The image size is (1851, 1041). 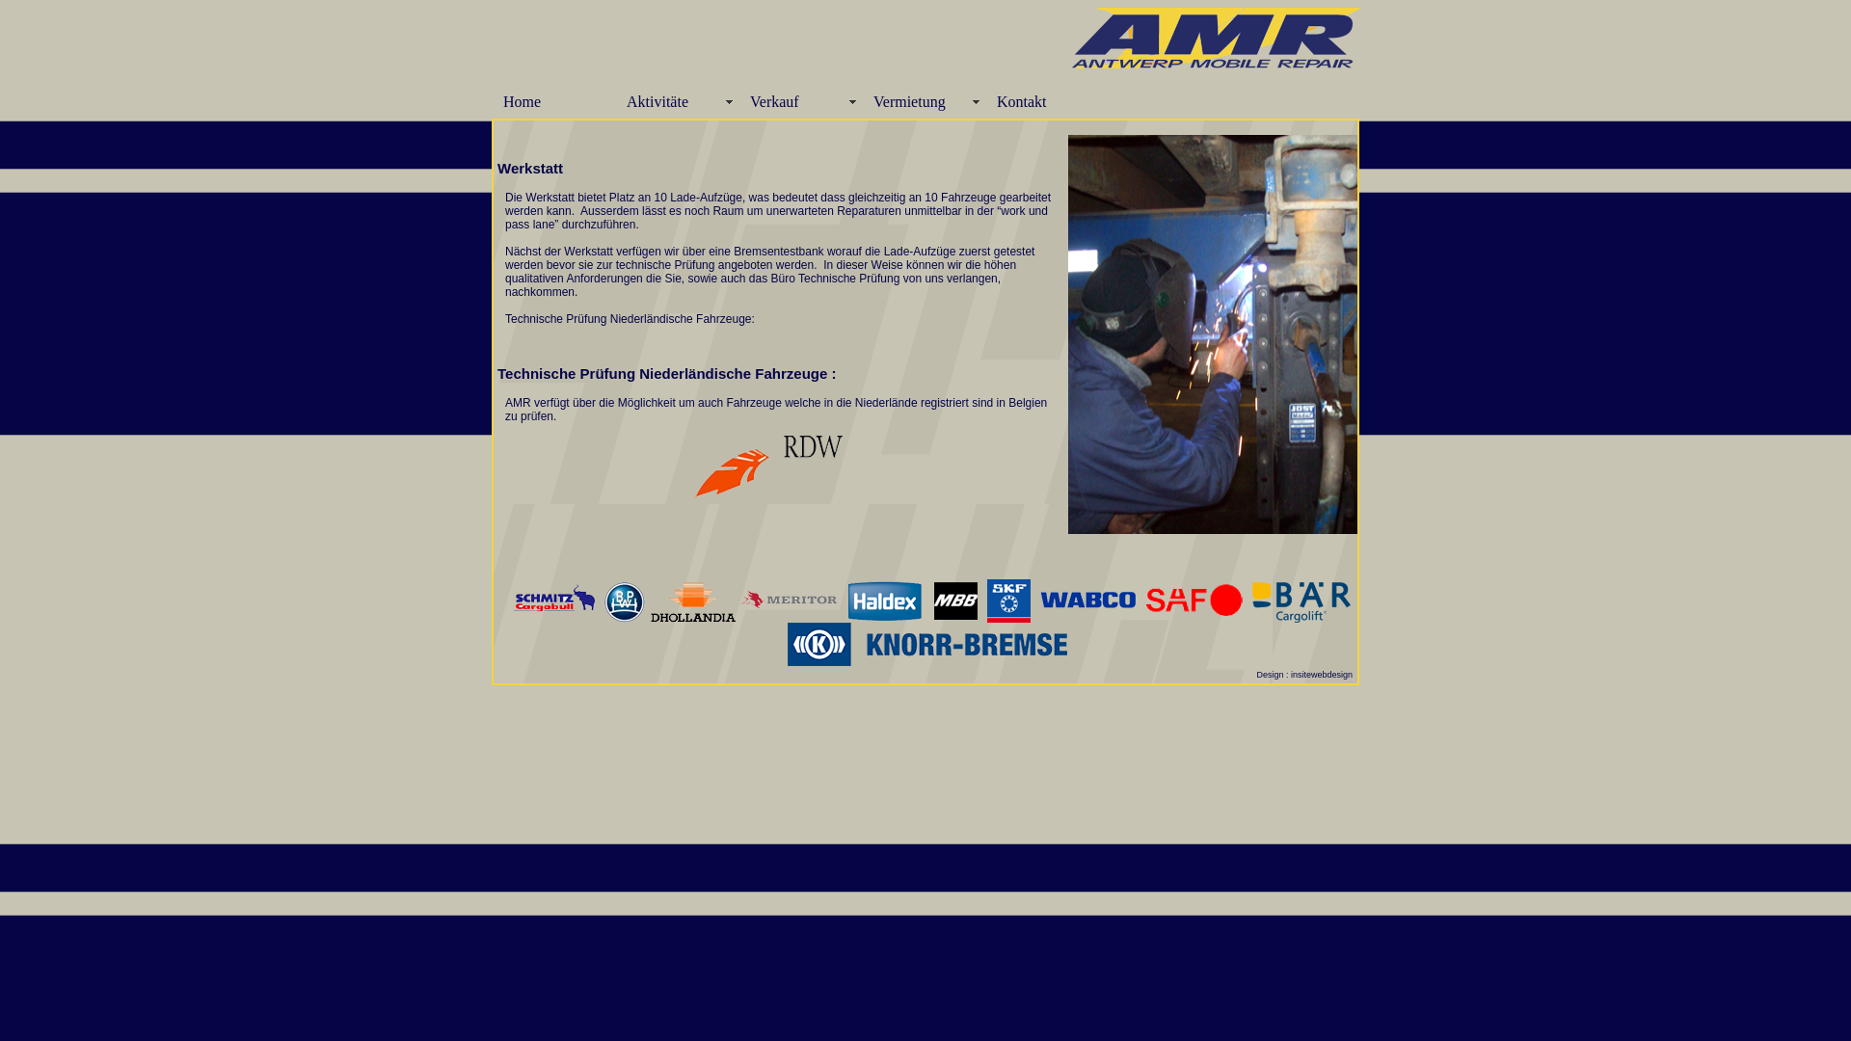 What do you see at coordinates (491, 101) in the screenshot?
I see `'Home'` at bounding box center [491, 101].